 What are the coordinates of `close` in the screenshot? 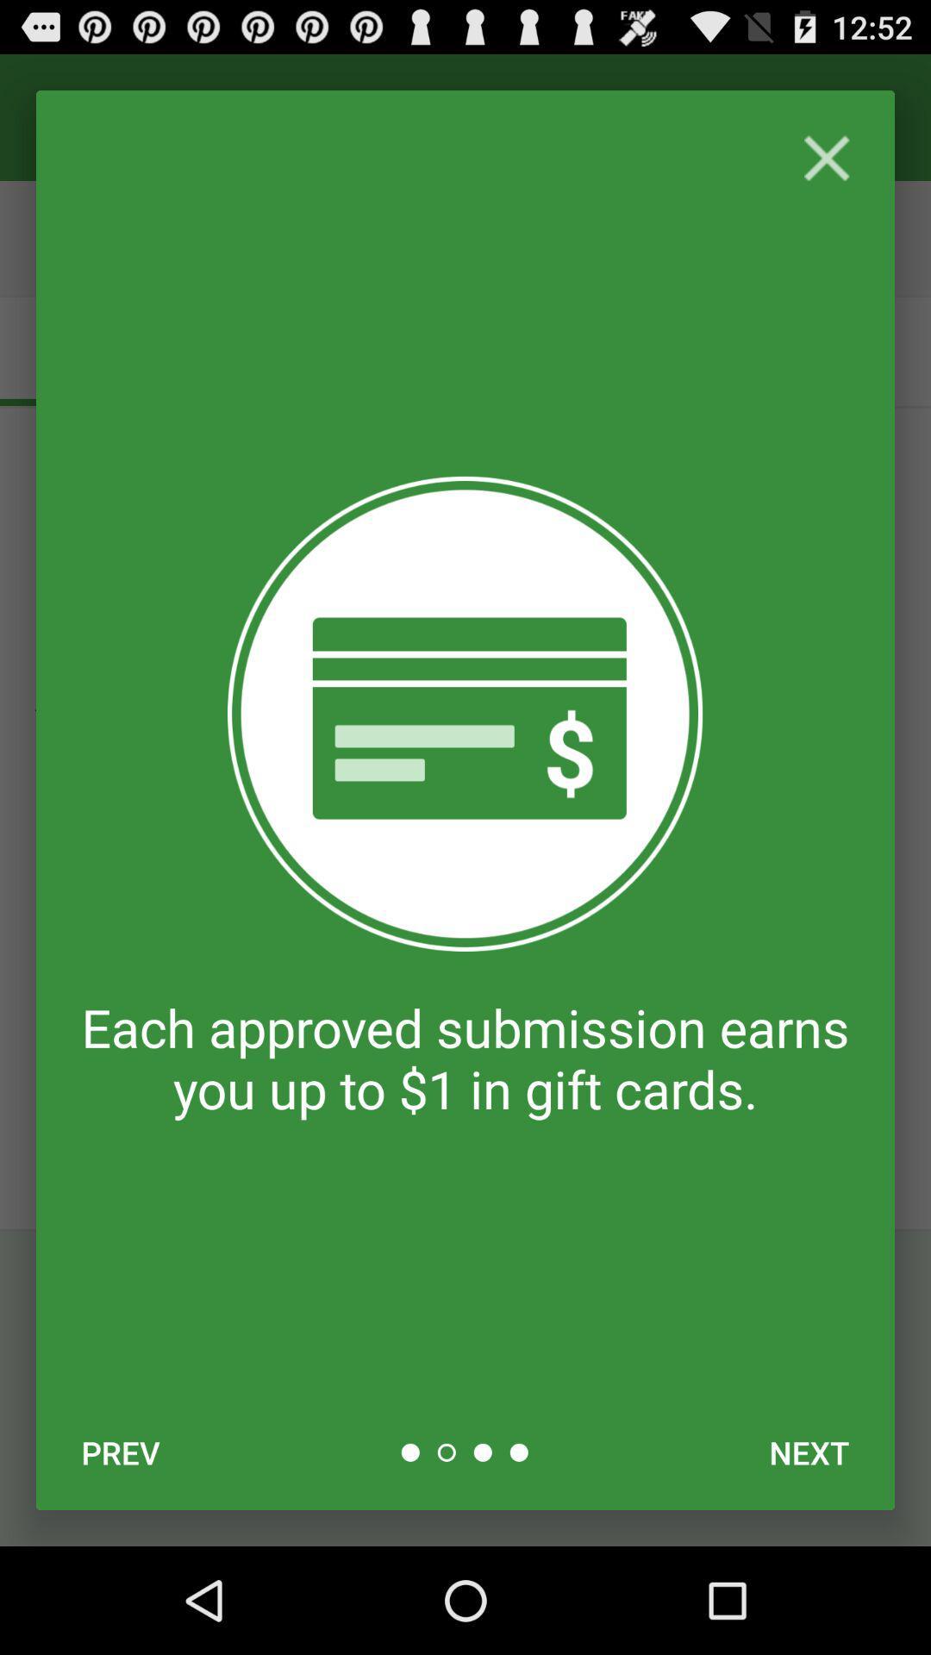 It's located at (826, 158).